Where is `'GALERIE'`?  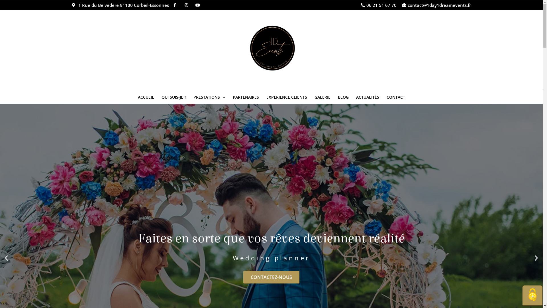 'GALERIE' is located at coordinates (310, 97).